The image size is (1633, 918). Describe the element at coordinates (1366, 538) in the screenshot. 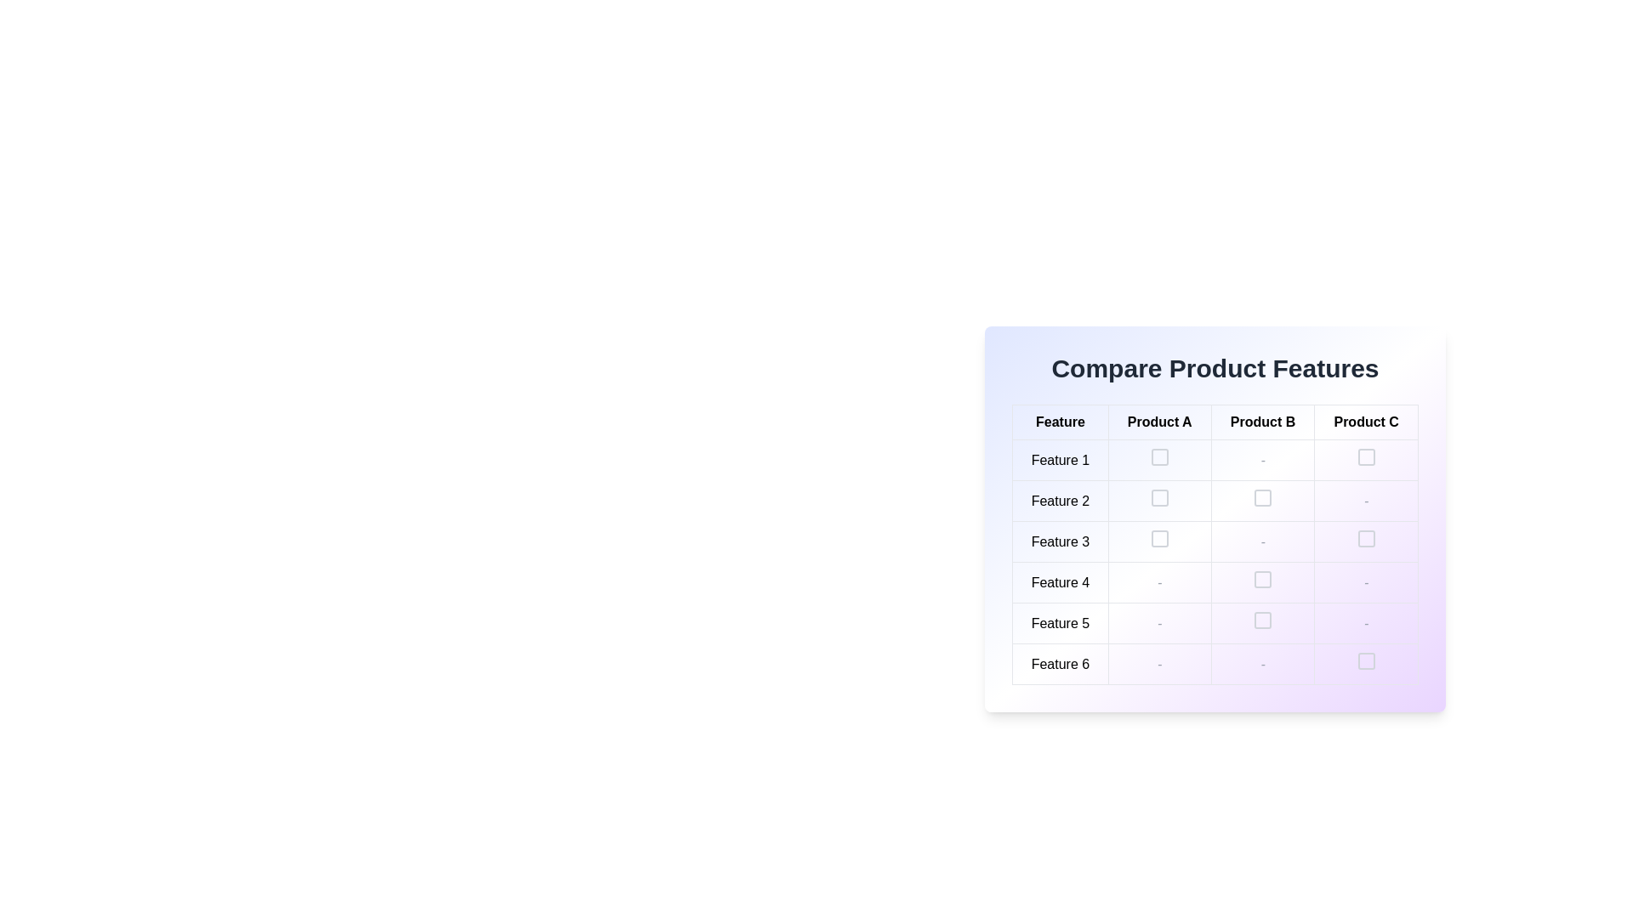

I see `the light gray rounded square icon located in the 'Product C' column and 'Feature 3' row of the comparison table via keyboard navigation` at that location.